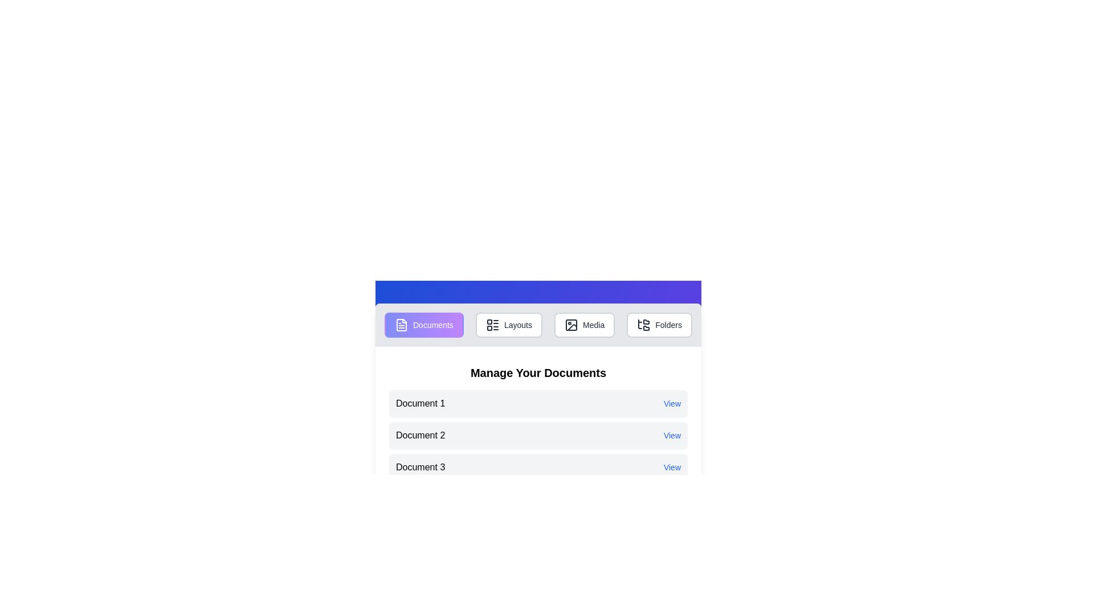 Image resolution: width=1094 pixels, height=615 pixels. Describe the element at coordinates (585, 325) in the screenshot. I see `the 'Media' button, the third button from the left in a horizontal row of navigation buttons` at that location.